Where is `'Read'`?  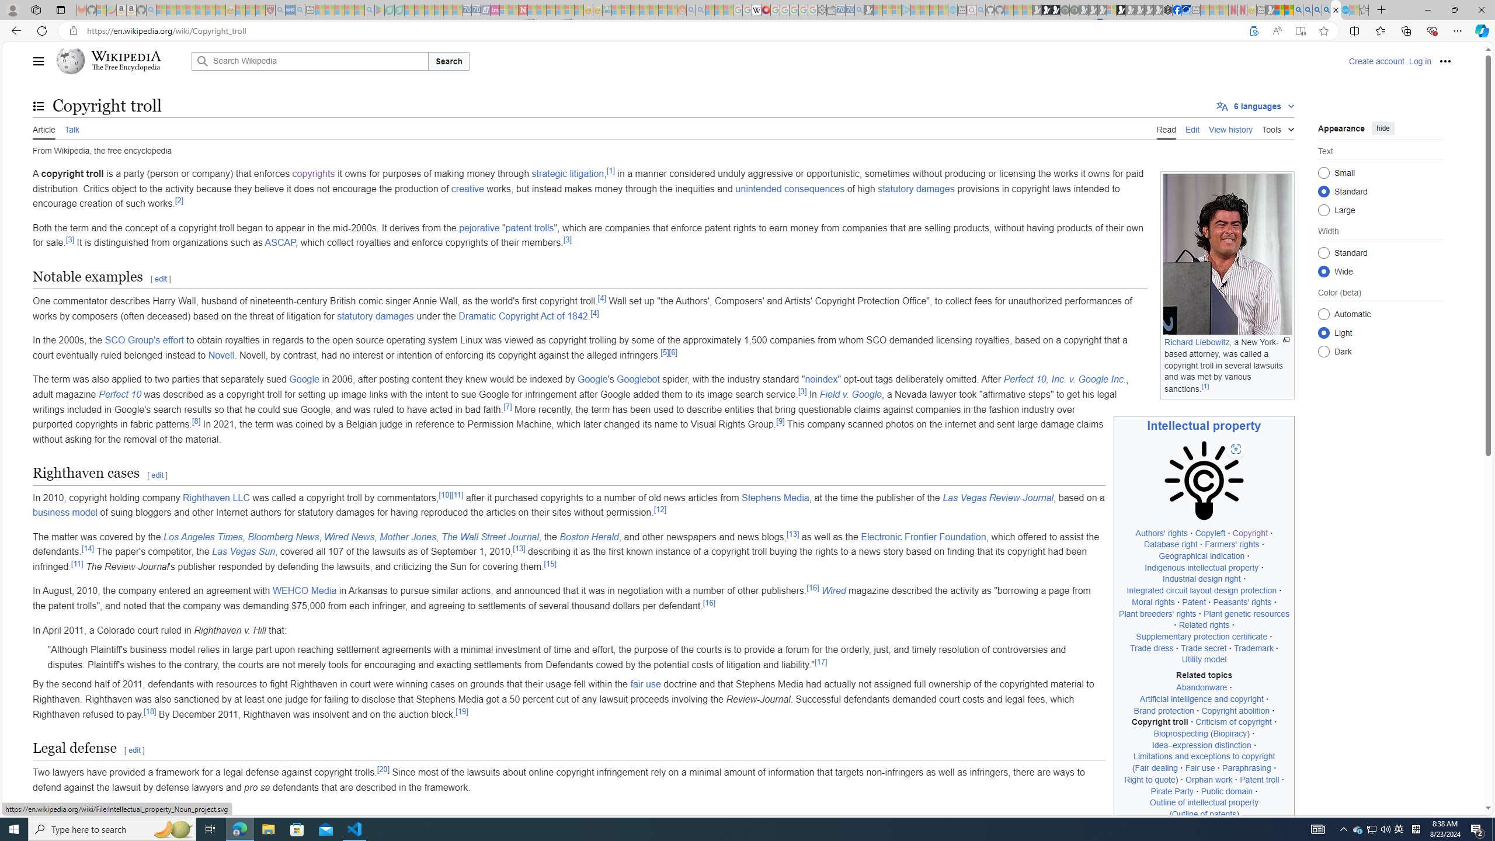 'Read' is located at coordinates (1166, 127).